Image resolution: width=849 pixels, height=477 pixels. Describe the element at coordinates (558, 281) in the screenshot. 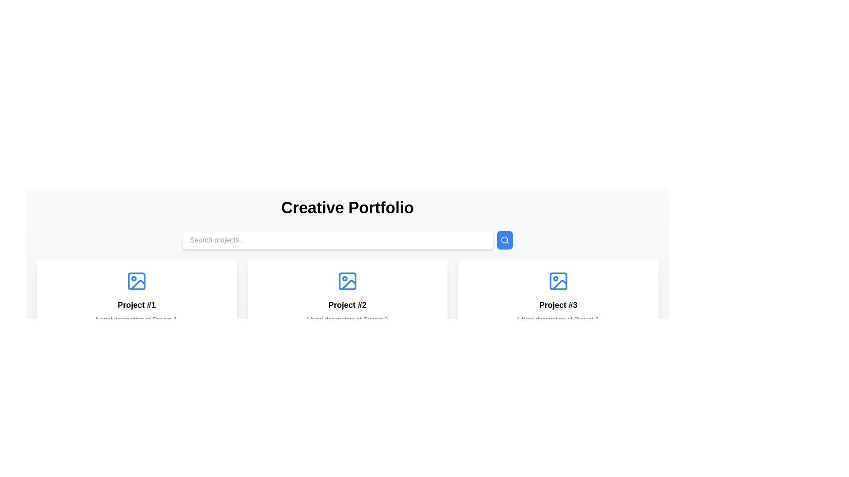

I see `the blue SVG icon located above the text 'Project #3' in the third project card` at that location.